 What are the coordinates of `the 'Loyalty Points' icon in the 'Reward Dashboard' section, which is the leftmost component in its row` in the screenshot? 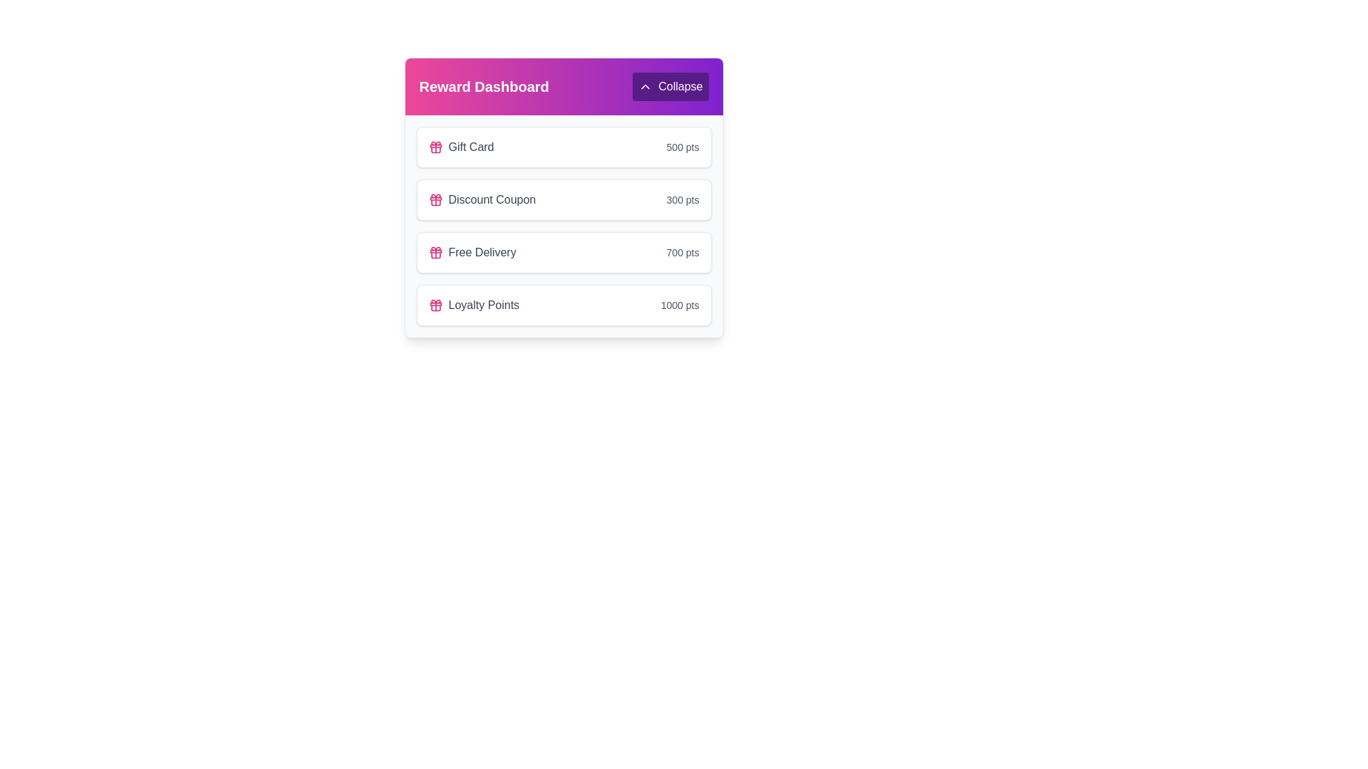 It's located at (435, 304).